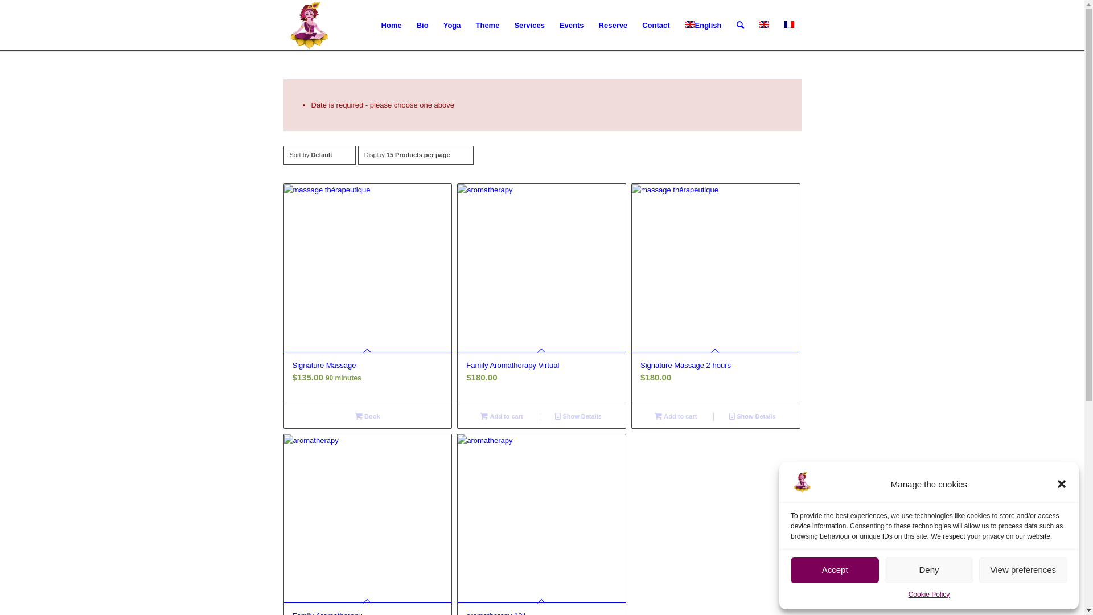 This screenshot has height=615, width=1093. I want to click on 'Yoga', so click(451, 26).